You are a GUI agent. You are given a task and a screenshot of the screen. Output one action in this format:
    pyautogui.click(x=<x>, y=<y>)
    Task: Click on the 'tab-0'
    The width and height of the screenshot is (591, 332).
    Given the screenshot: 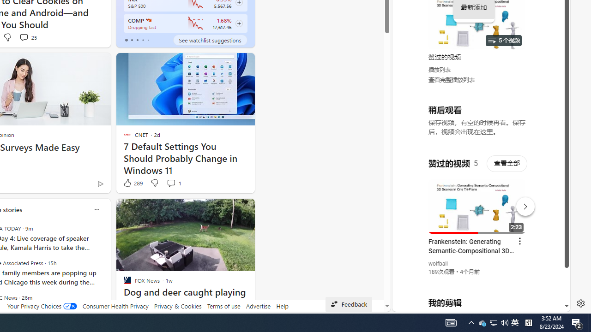 What is the action you would take?
    pyautogui.click(x=126, y=40)
    